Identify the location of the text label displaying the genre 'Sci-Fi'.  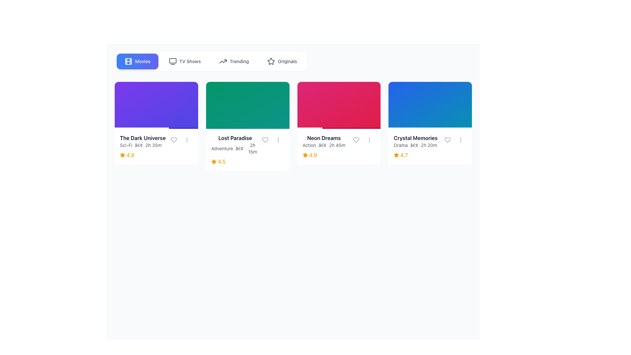
(126, 145).